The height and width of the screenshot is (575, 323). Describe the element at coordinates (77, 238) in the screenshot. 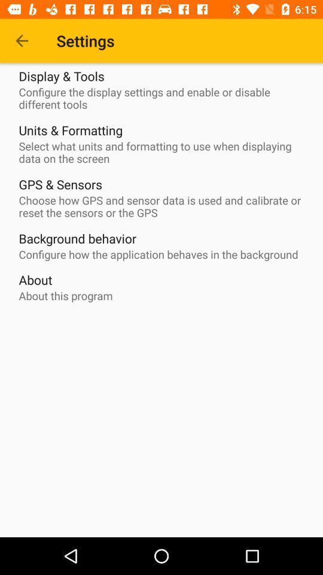

I see `item above the configure how the item` at that location.